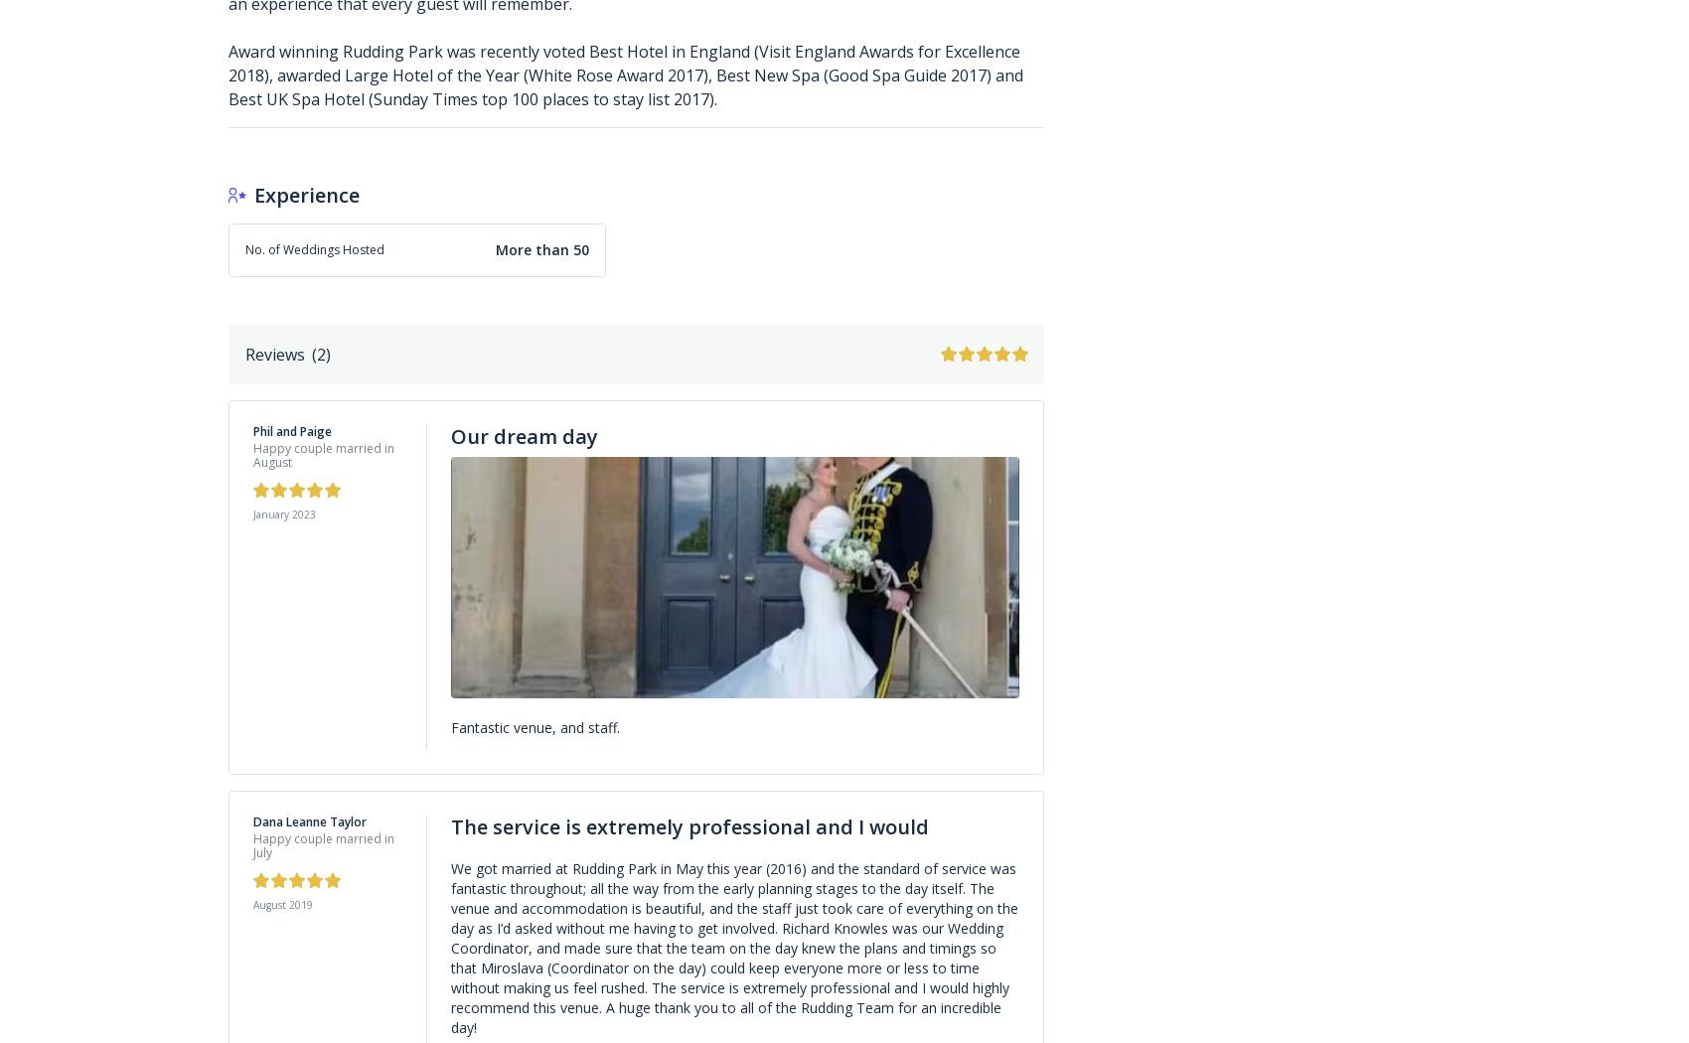  Describe the element at coordinates (314, 354) in the screenshot. I see `'('` at that location.